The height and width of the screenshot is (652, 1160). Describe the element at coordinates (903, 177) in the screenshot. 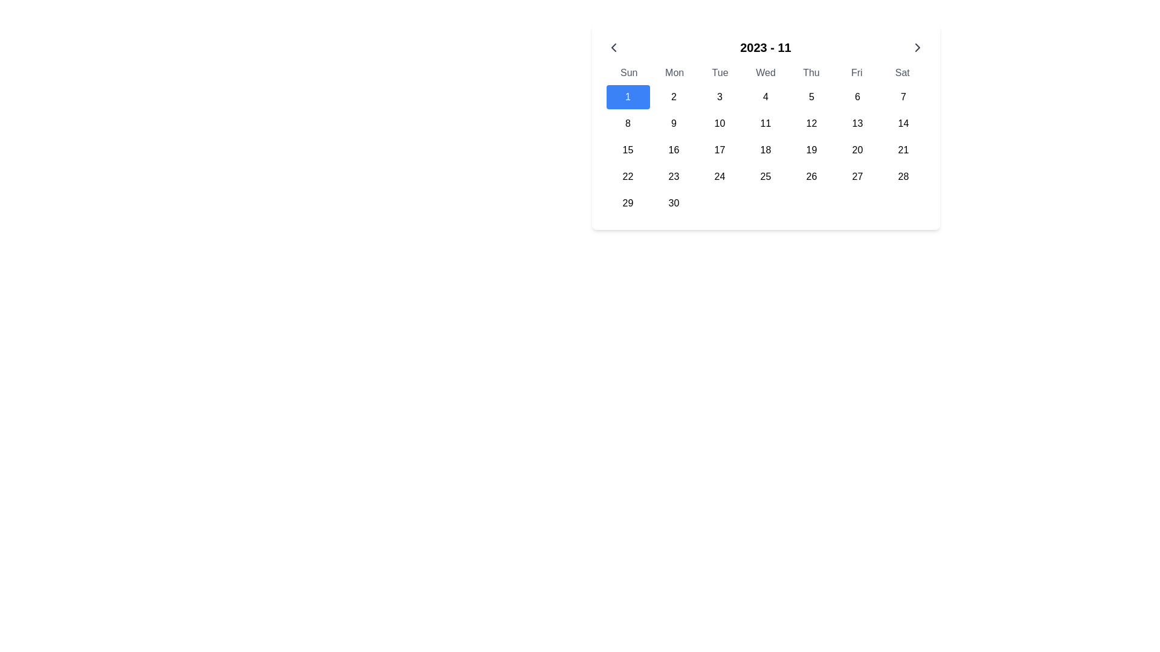

I see `the button displaying the bold black text '28' in the calendar view` at that location.